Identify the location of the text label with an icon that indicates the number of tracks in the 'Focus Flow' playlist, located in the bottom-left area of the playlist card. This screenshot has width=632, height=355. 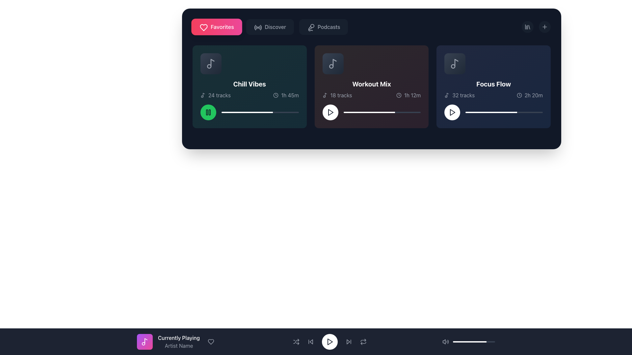
(459, 95).